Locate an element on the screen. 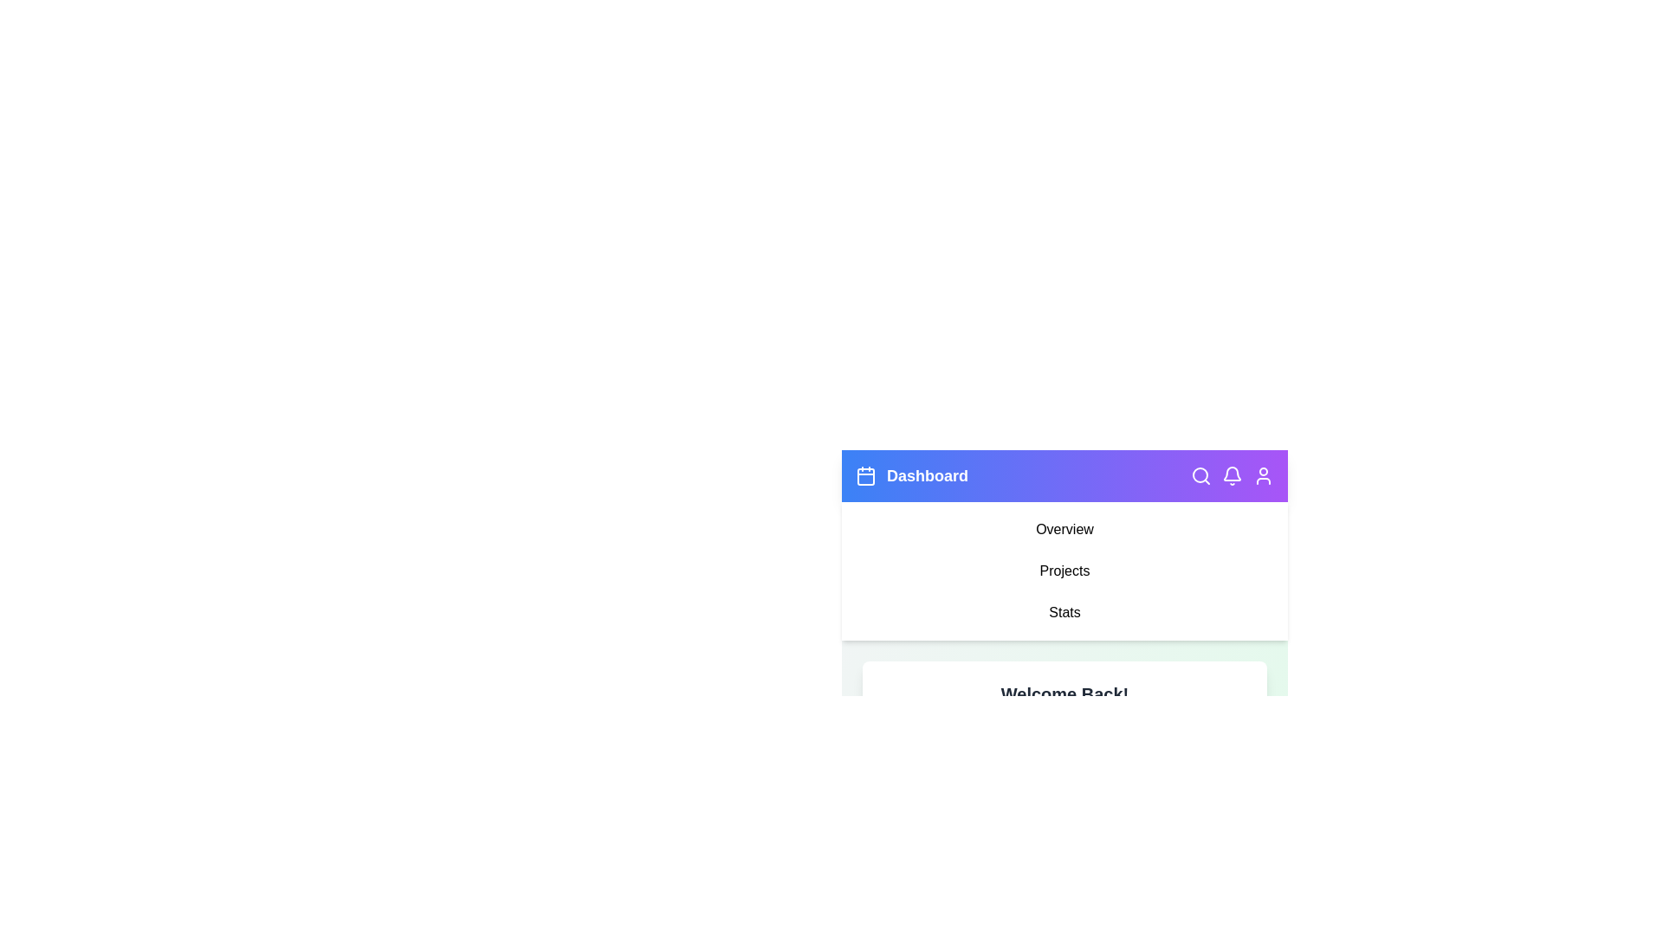  notification bell button is located at coordinates (1231, 476).